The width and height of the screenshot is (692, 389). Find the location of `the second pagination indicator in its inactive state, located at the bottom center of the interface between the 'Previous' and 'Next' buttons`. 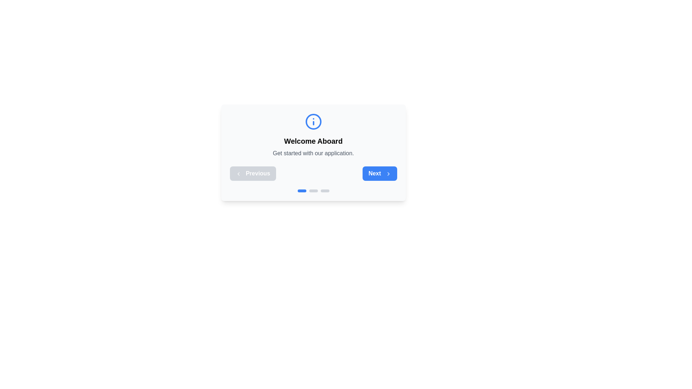

the second pagination indicator in its inactive state, located at the bottom center of the interface between the 'Previous' and 'Next' buttons is located at coordinates (313, 190).